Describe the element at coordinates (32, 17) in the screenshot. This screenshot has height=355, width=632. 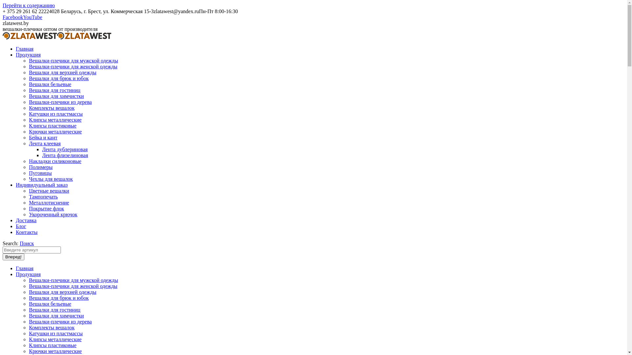
I see `'YouTube'` at that location.